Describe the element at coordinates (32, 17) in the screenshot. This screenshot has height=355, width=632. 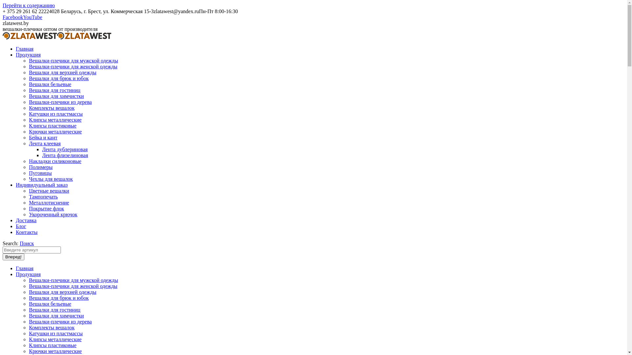
I see `'YouTube'` at that location.